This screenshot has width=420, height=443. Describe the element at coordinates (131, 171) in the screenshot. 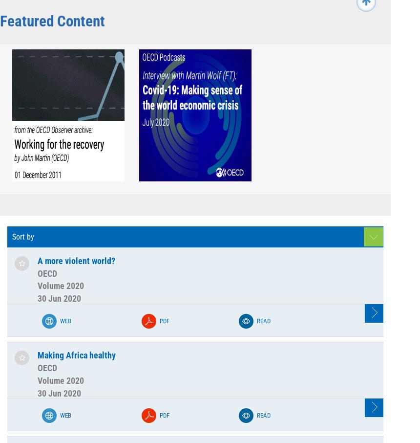

I see `'Volume 2005'` at that location.